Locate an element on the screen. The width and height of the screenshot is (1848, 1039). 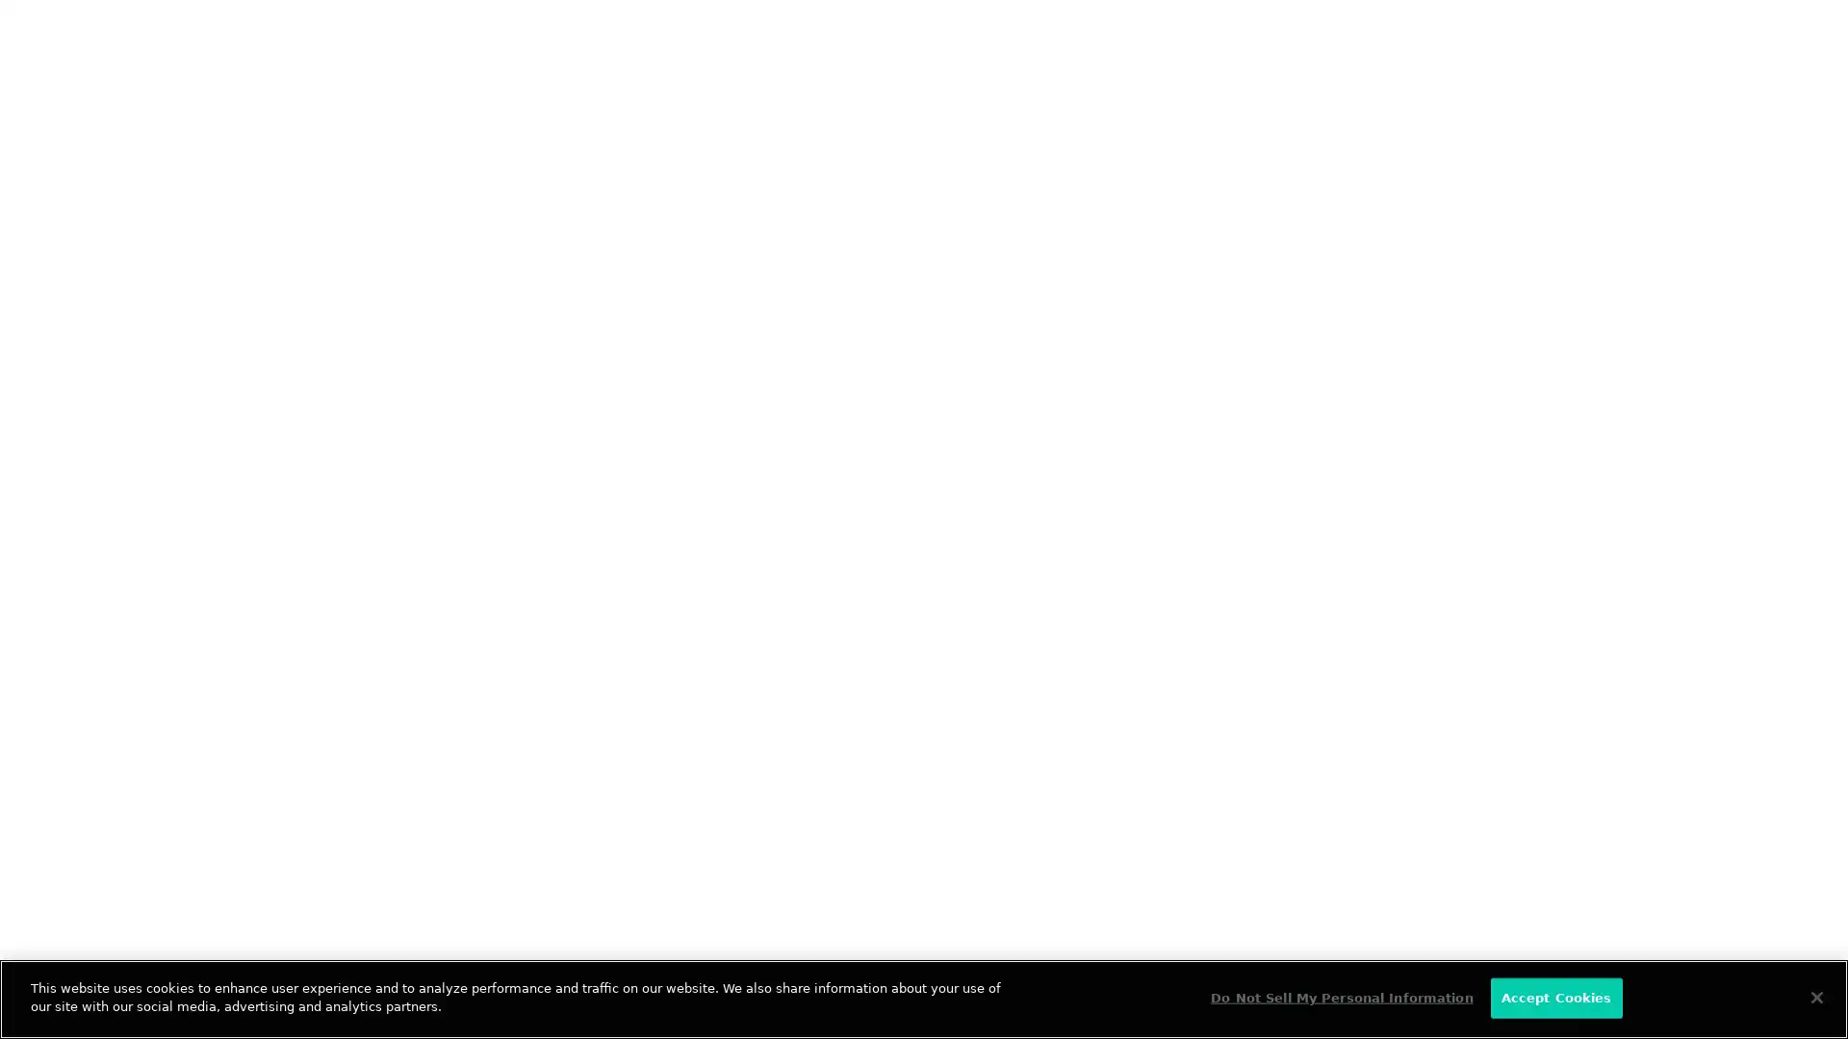
SUBSCRIBE is located at coordinates (512, 441).